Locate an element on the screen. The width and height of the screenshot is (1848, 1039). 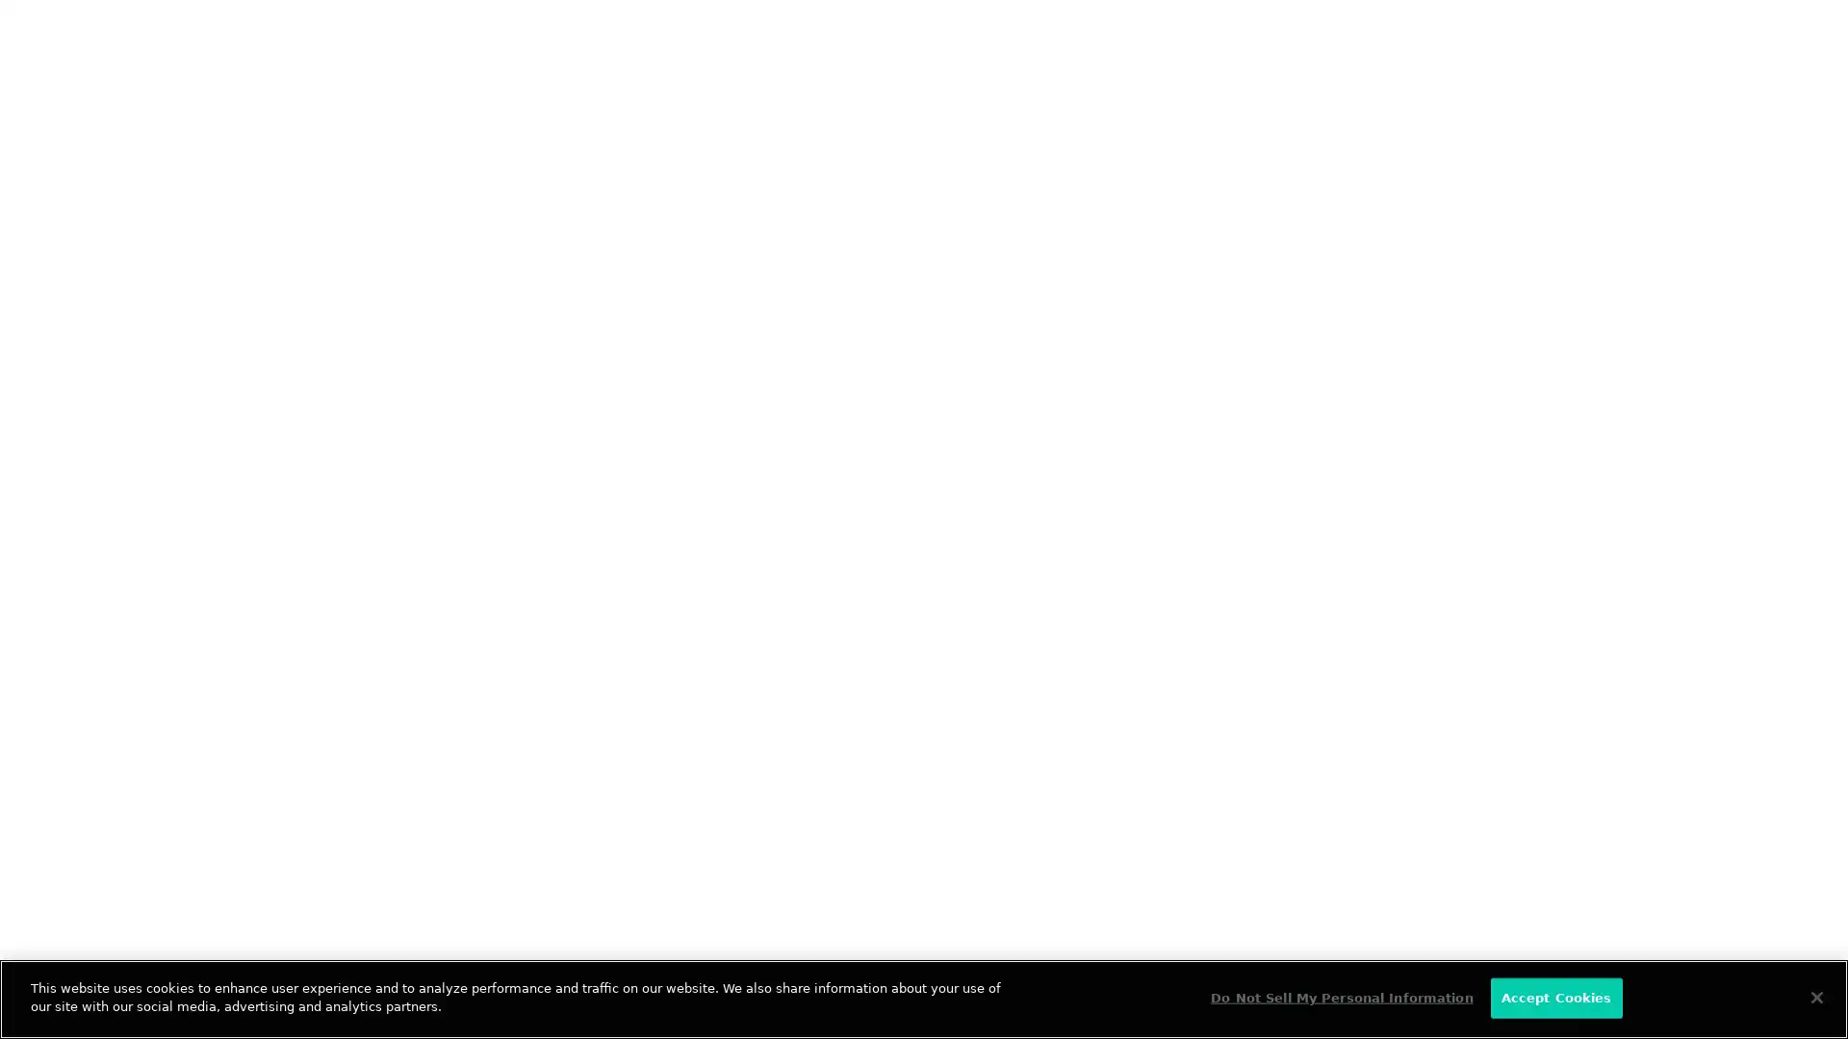
SUBSCRIBE is located at coordinates (512, 441).